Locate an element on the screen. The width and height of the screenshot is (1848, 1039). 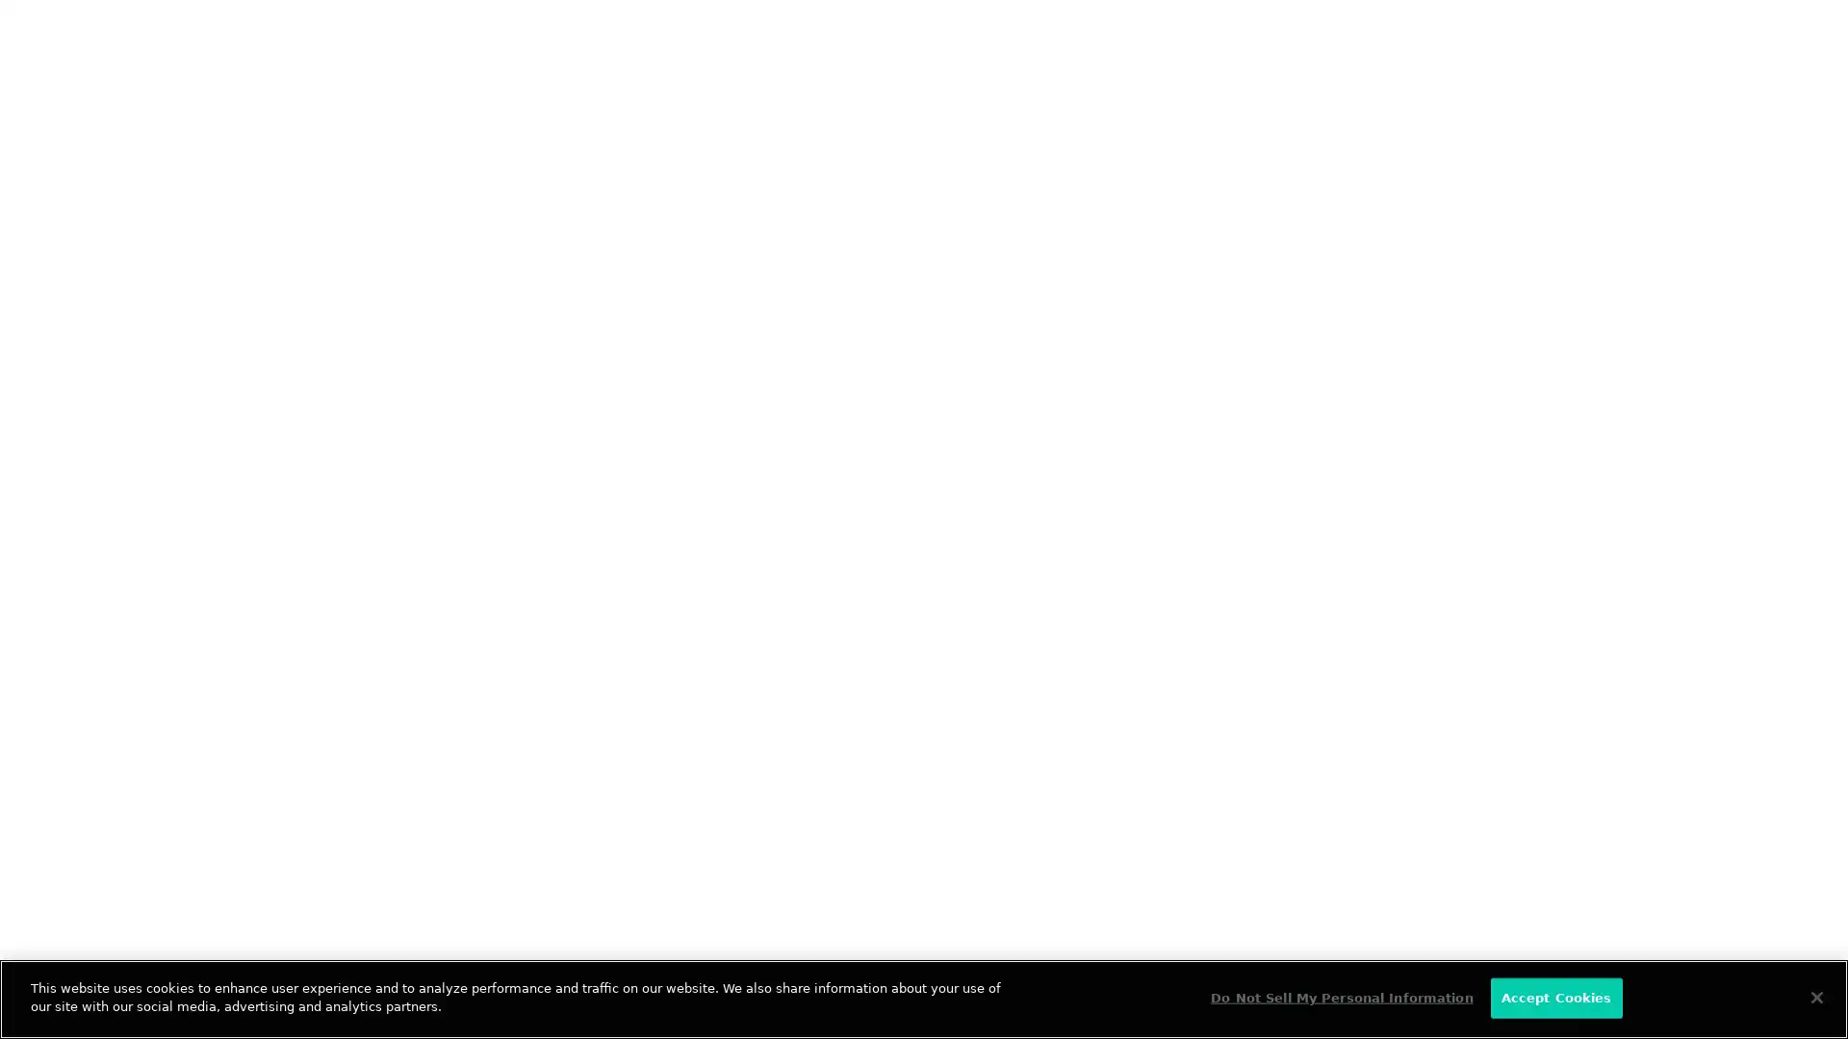
SUBSCRIBE is located at coordinates (512, 441).